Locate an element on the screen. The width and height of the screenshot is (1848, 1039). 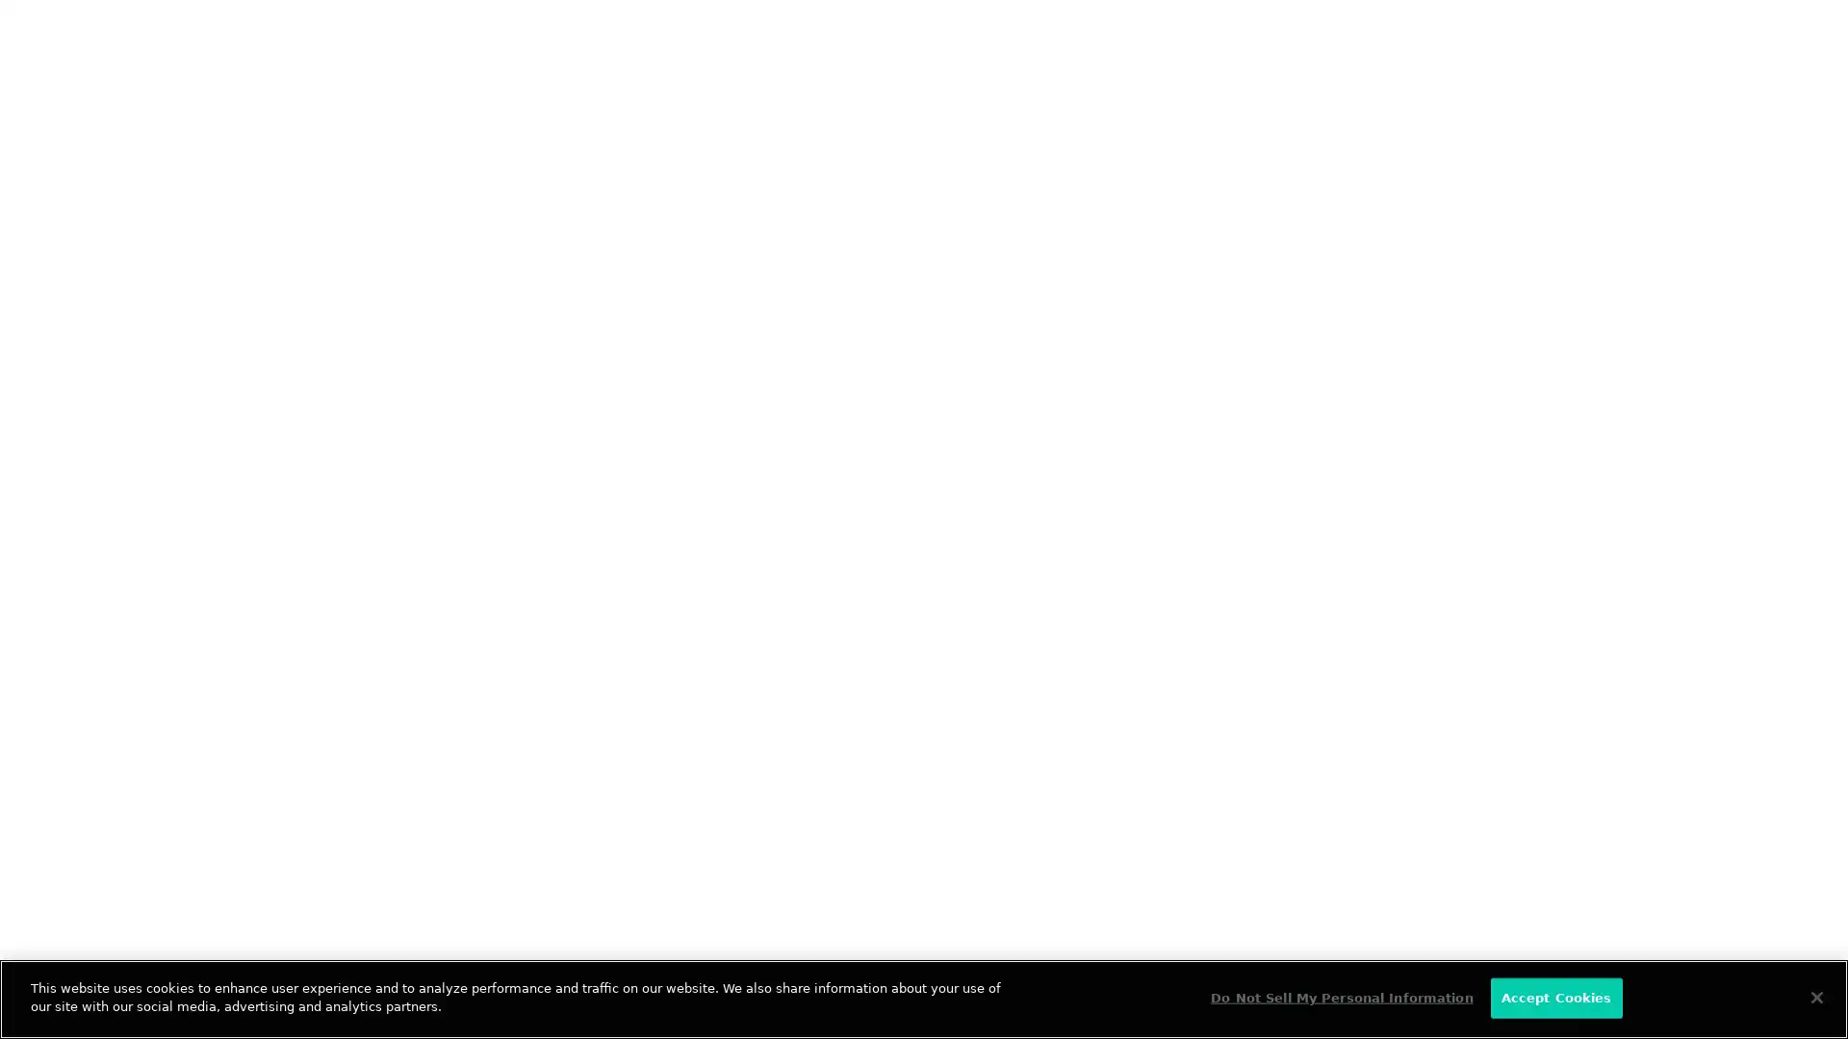
SUBSCRIBE is located at coordinates (512, 441).